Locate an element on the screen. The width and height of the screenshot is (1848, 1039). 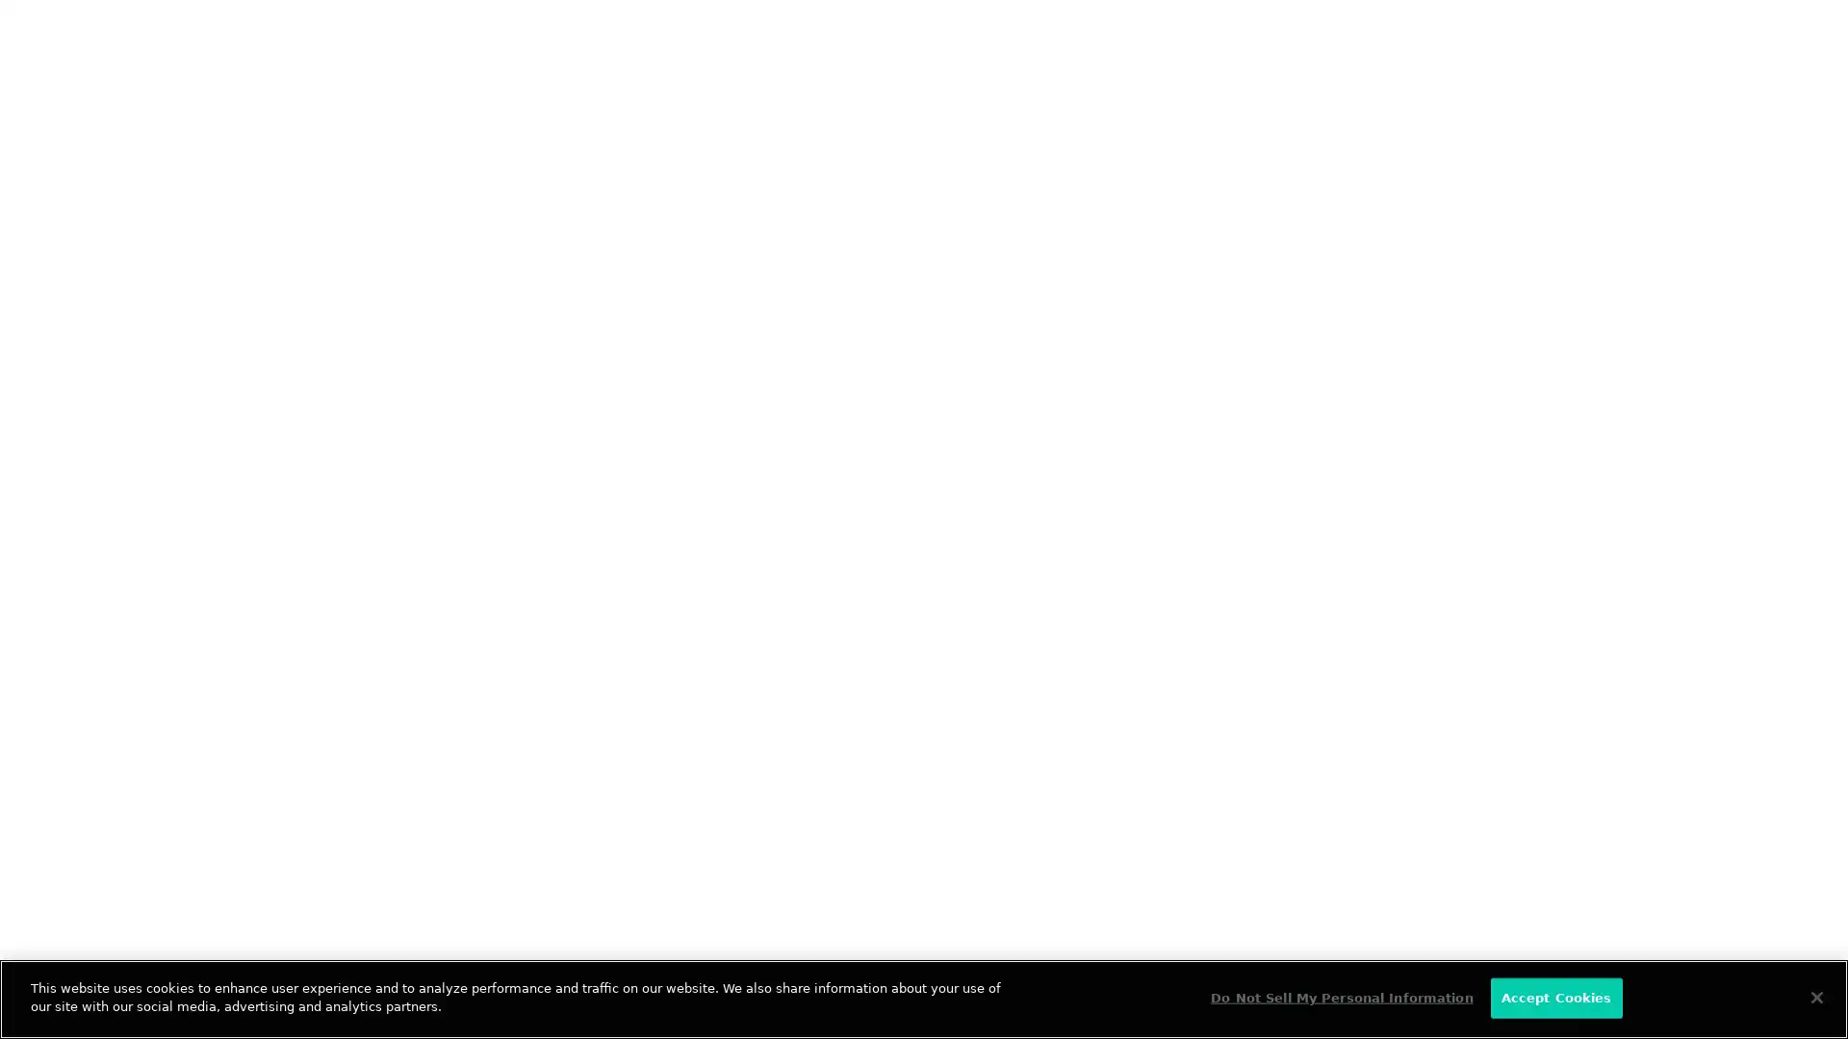
SUBSCRIBE is located at coordinates (512, 441).